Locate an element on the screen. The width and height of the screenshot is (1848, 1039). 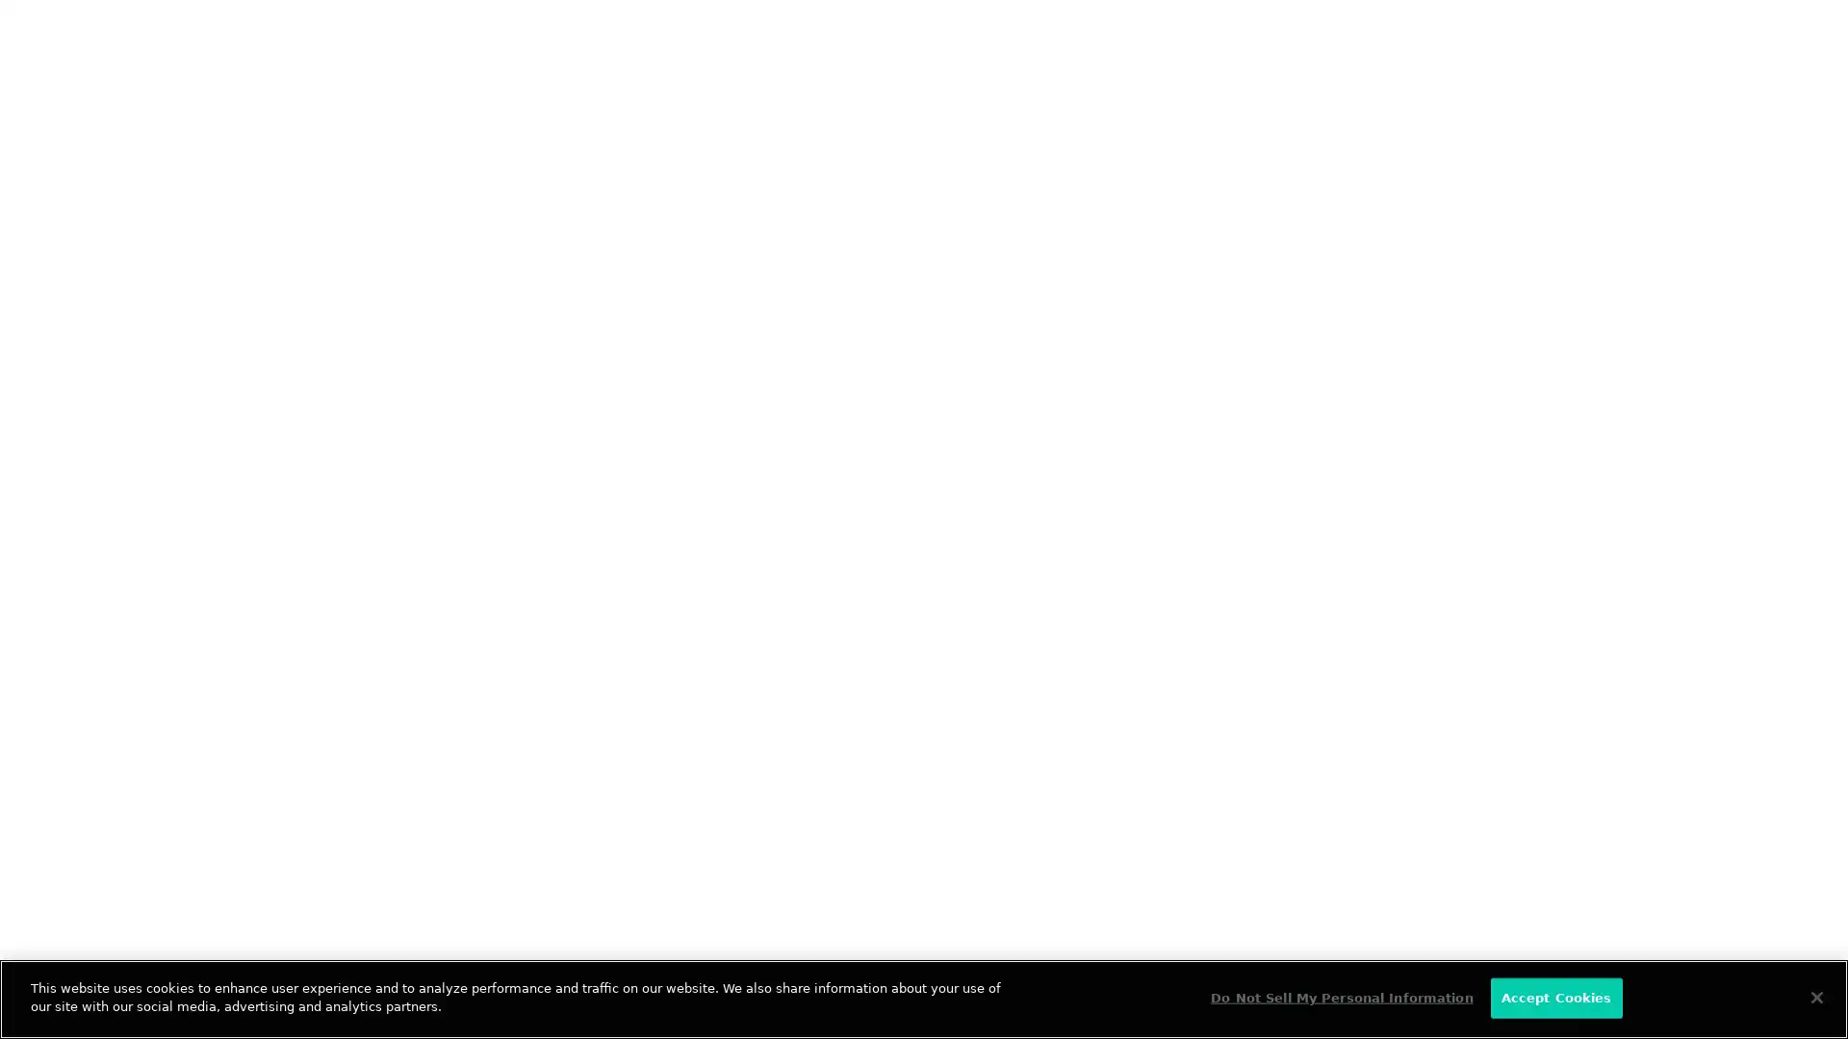
SUBSCRIBE is located at coordinates (512, 441).